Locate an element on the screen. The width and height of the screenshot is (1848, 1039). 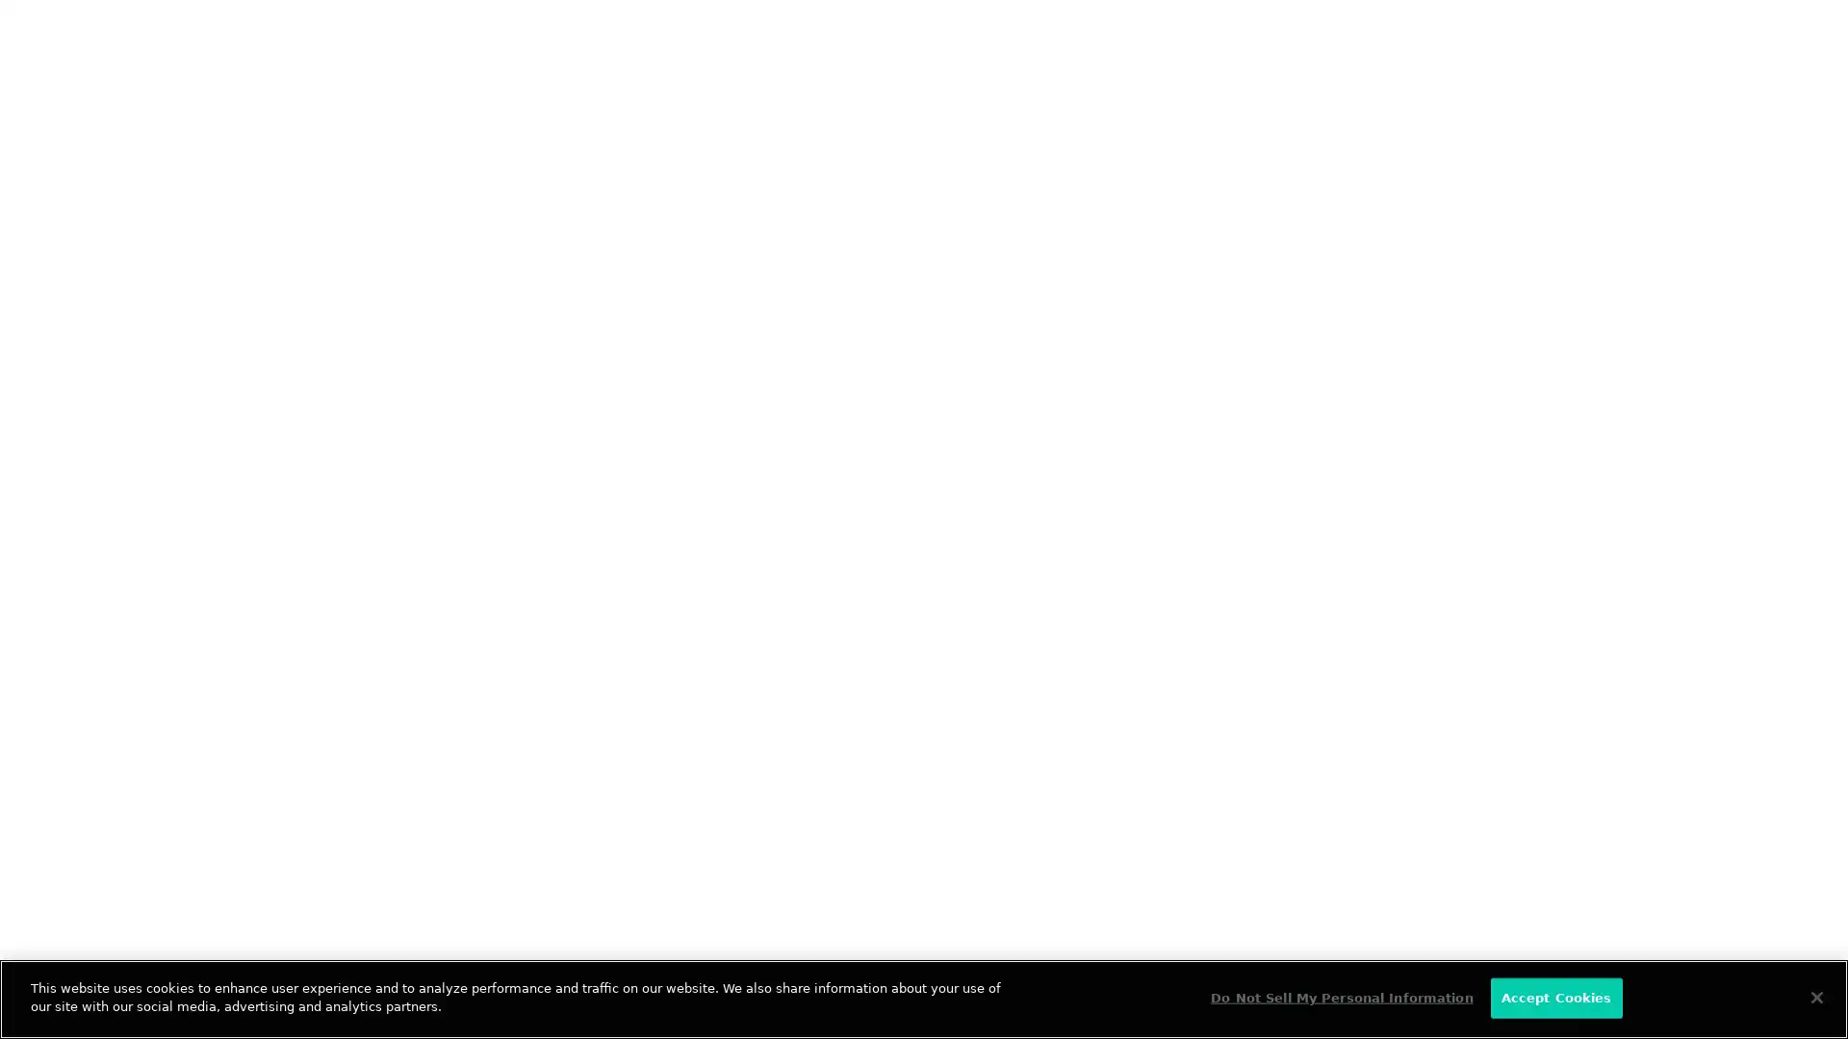
SUBSCRIBE is located at coordinates (512, 441).